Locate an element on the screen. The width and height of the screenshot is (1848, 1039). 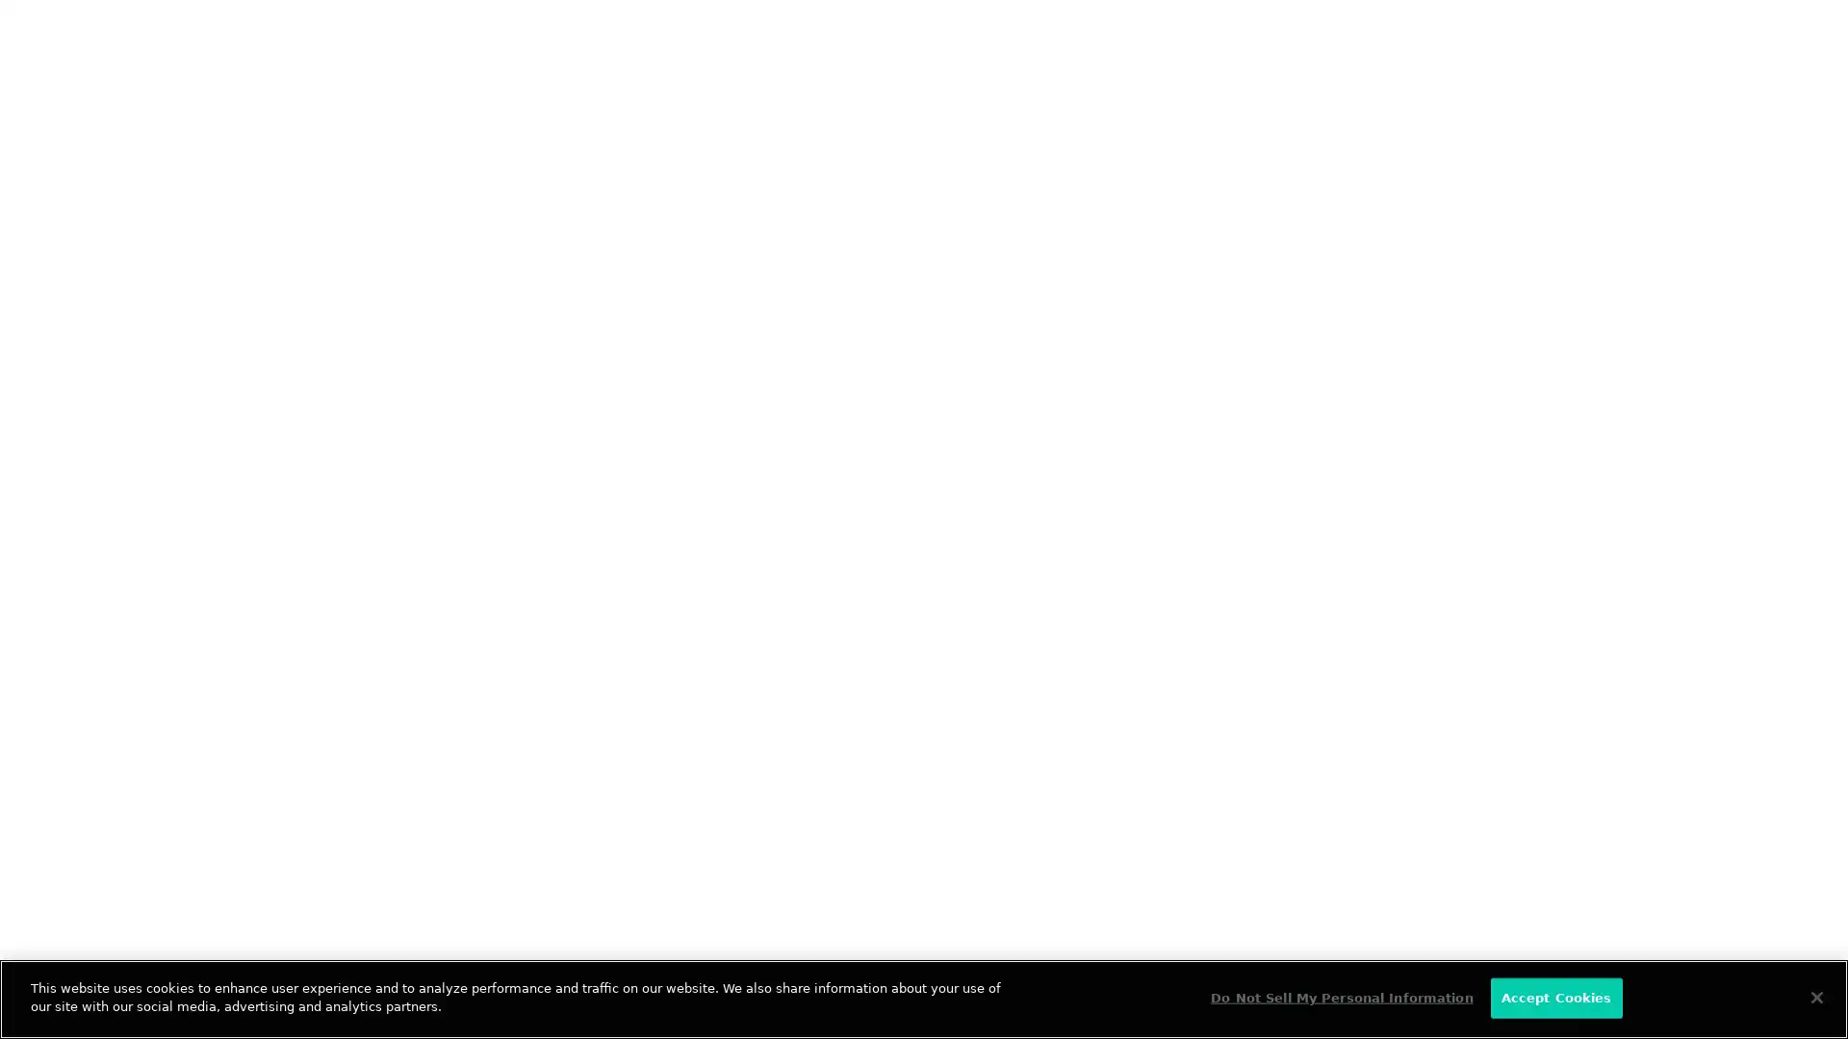
SUBSCRIBE is located at coordinates (512, 441).